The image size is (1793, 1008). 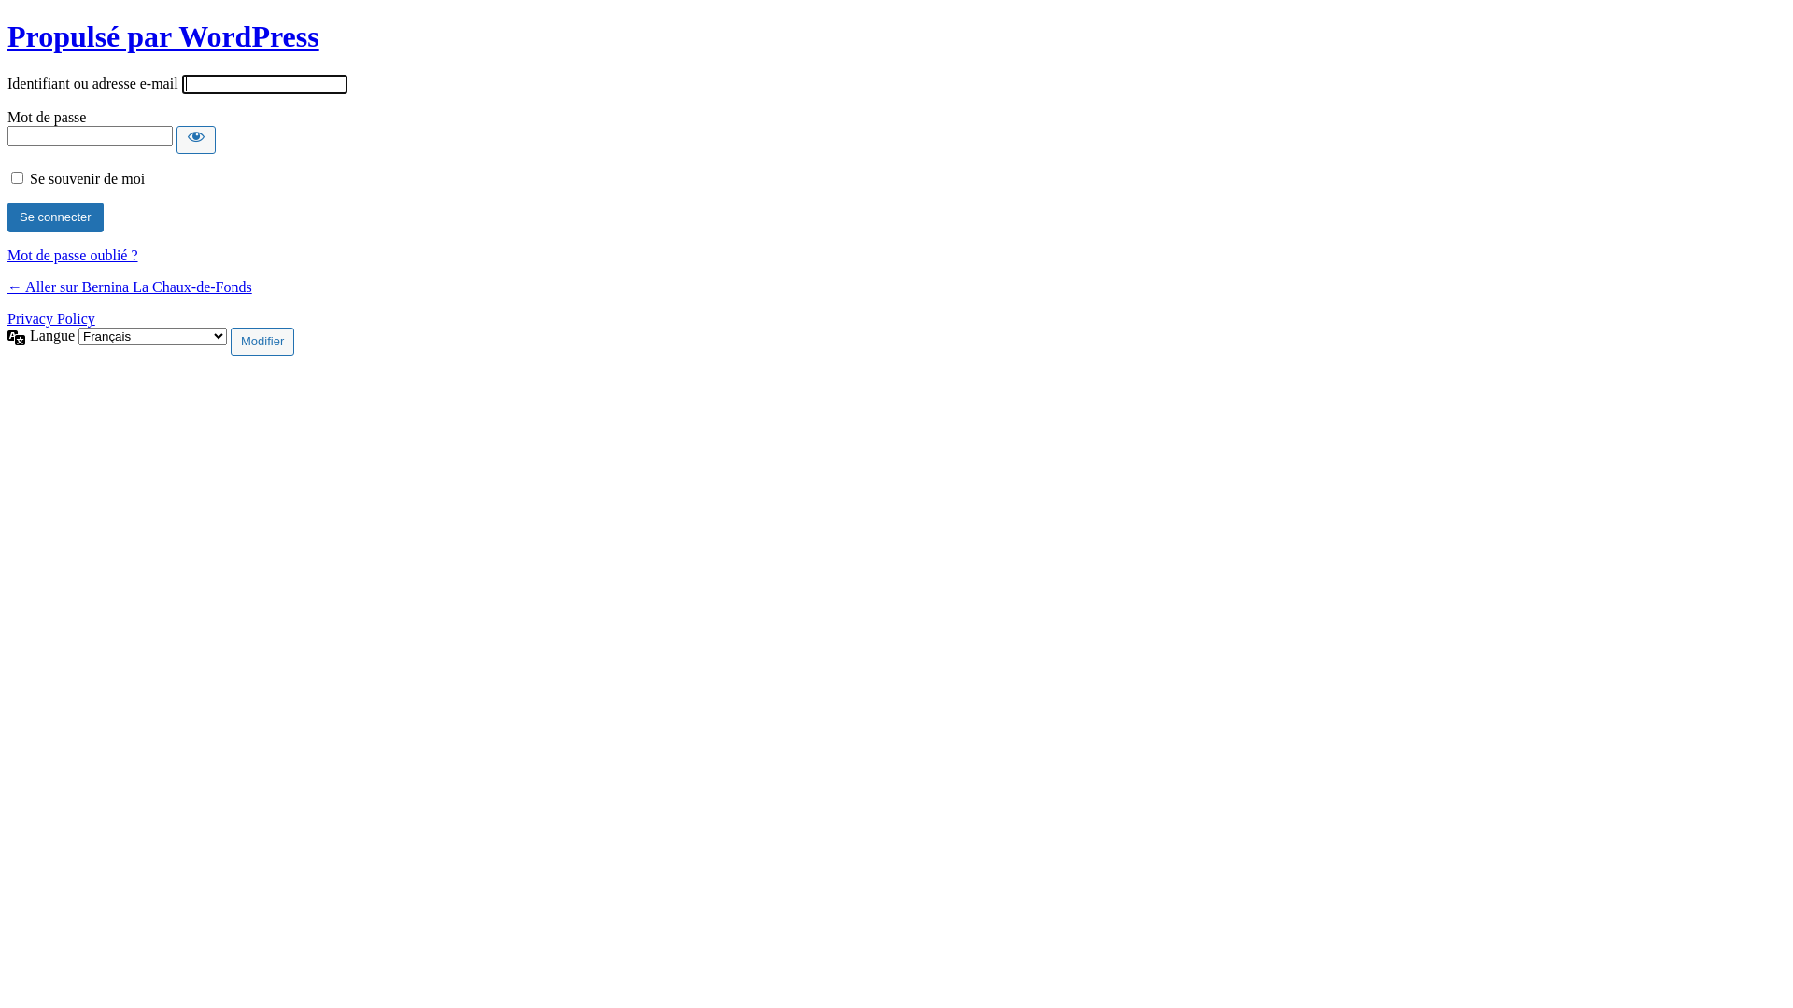 What do you see at coordinates (50, 317) in the screenshot?
I see `'Privacy Policy'` at bounding box center [50, 317].